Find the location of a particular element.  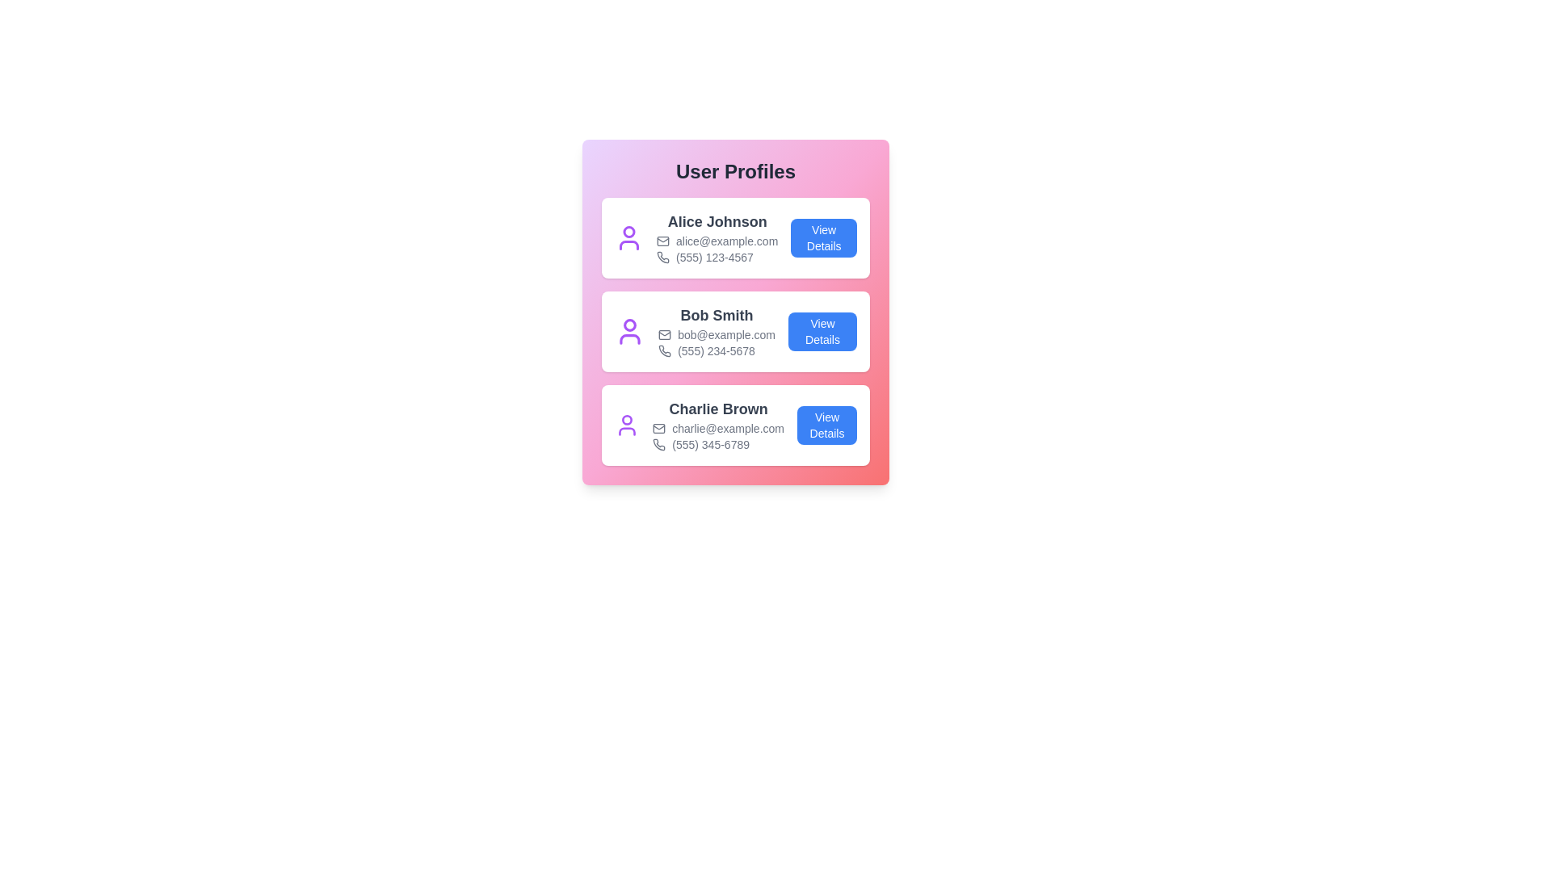

the text content of name for user Bob Smith is located at coordinates (716, 315).